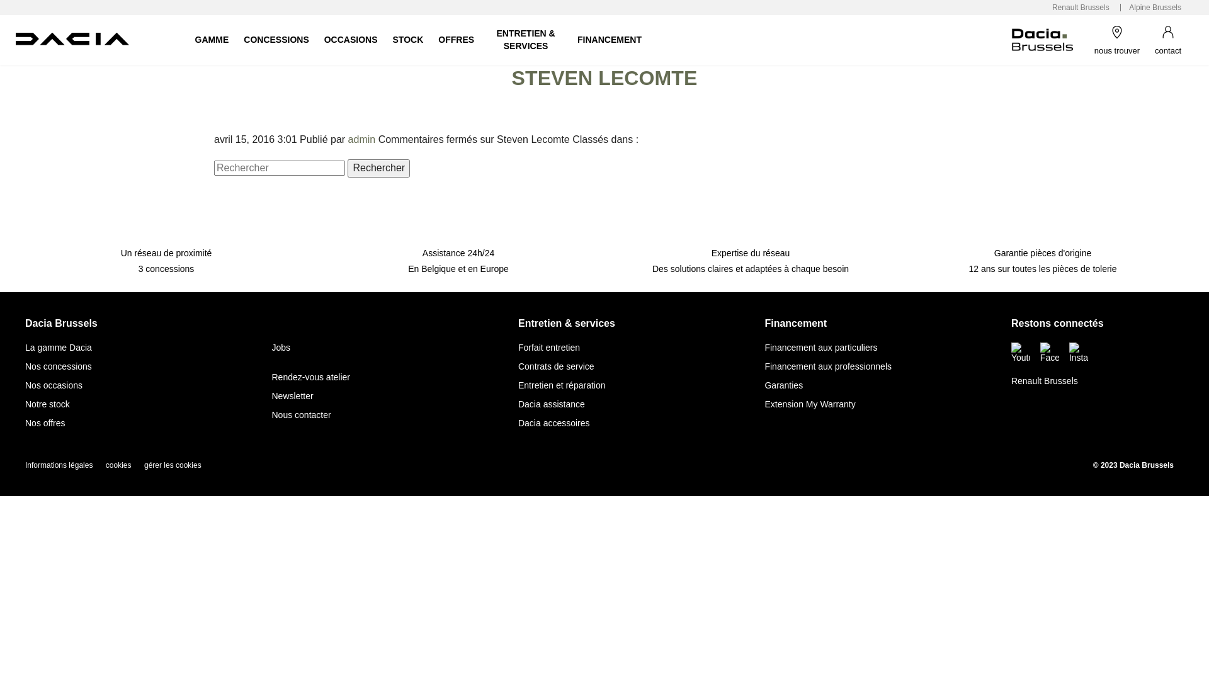 The width and height of the screenshot is (1209, 680). I want to click on 'Rendez-vous atelier', so click(310, 376).